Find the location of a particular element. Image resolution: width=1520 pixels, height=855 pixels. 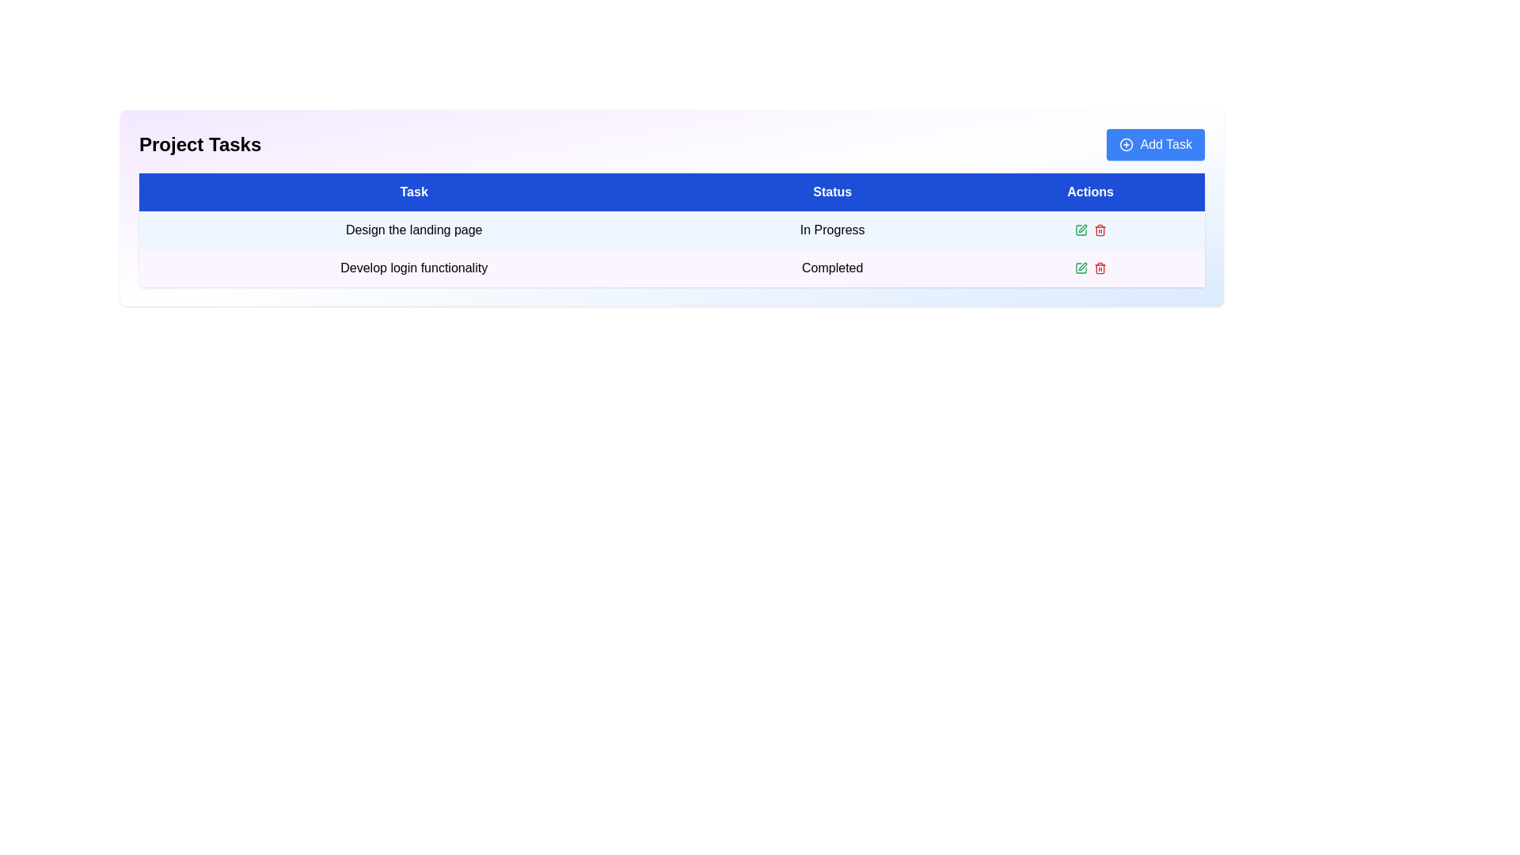

the Text label in the second row of the project management table under the 'Task' column, which displays the description or title of a task is located at coordinates (414, 268).